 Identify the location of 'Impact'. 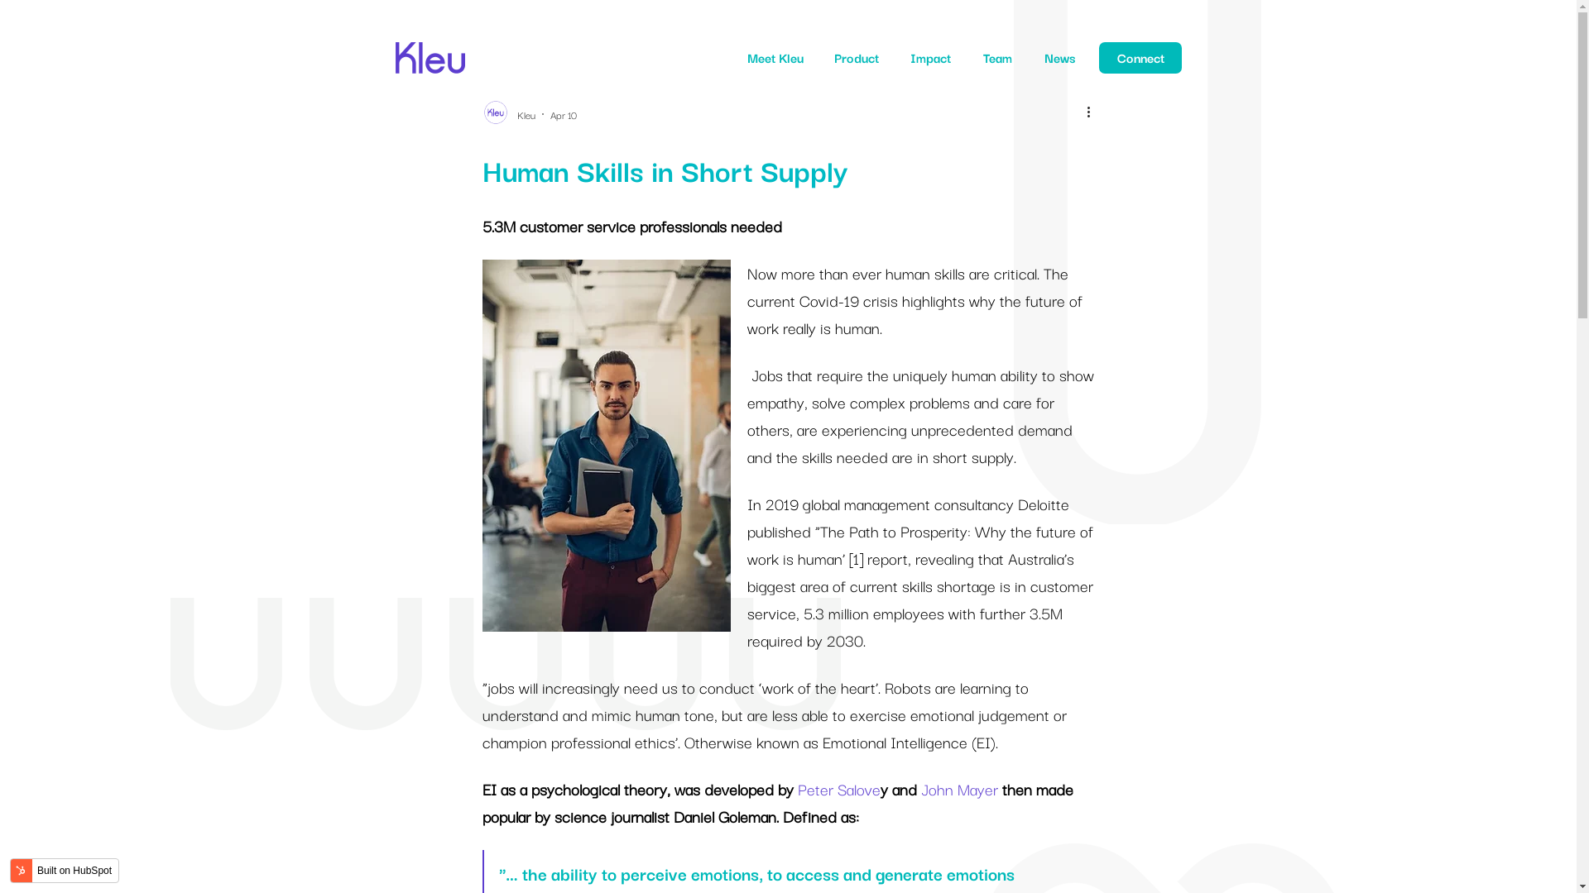
(930, 56).